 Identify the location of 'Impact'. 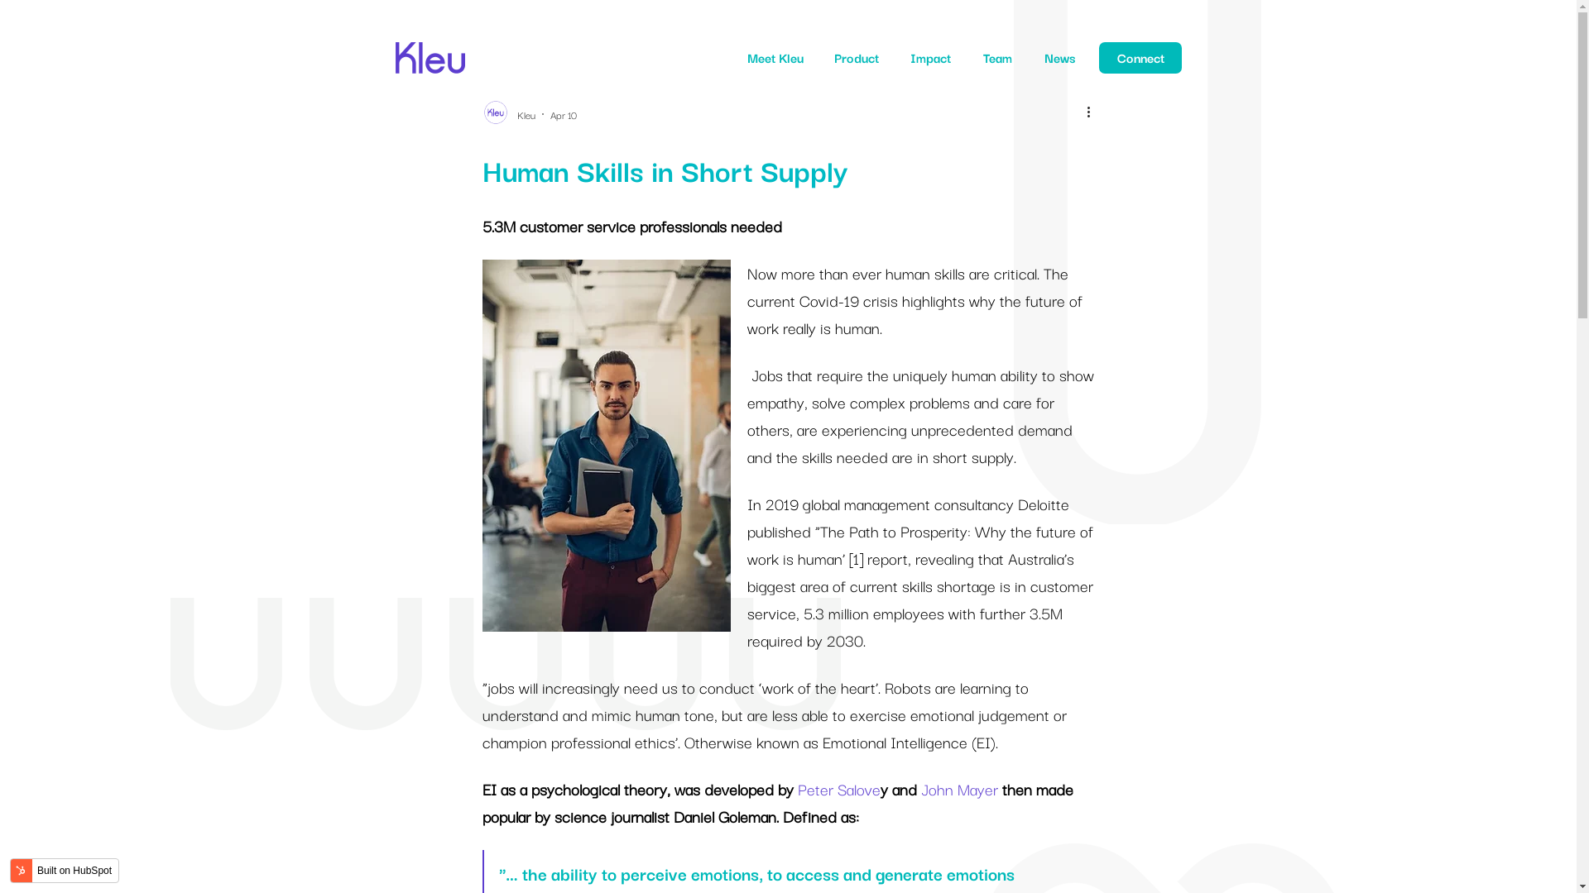
(930, 56).